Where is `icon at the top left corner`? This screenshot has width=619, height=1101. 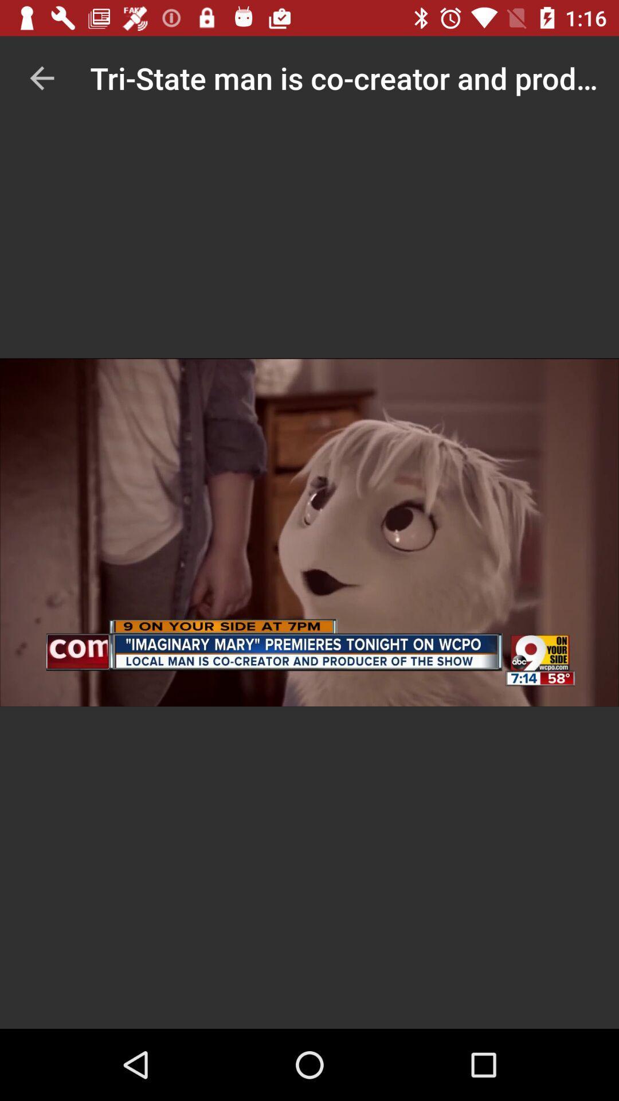
icon at the top left corner is located at coordinates (41, 77).